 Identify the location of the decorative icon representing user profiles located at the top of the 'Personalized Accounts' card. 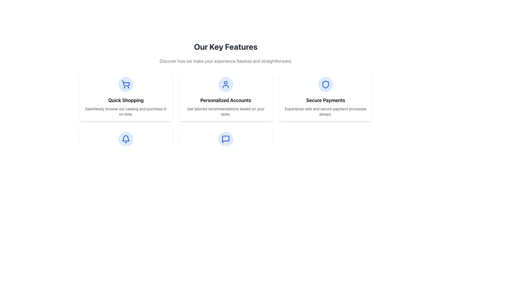
(226, 84).